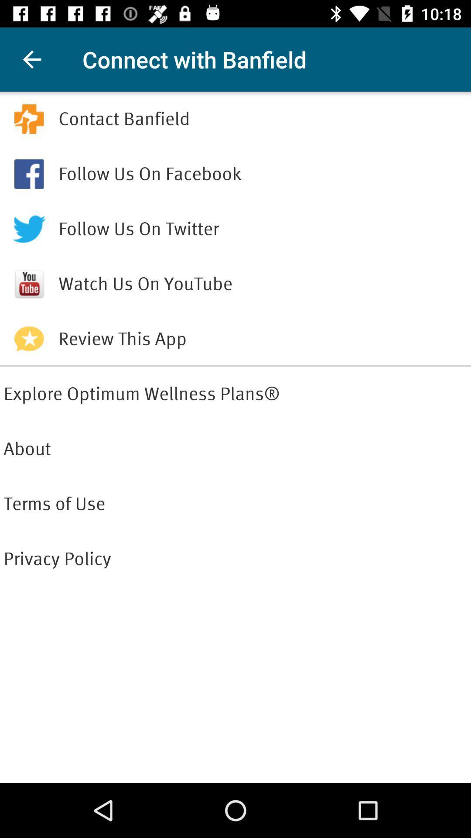  What do you see at coordinates (31, 59) in the screenshot?
I see `icon to the left of connect with banfield icon` at bounding box center [31, 59].